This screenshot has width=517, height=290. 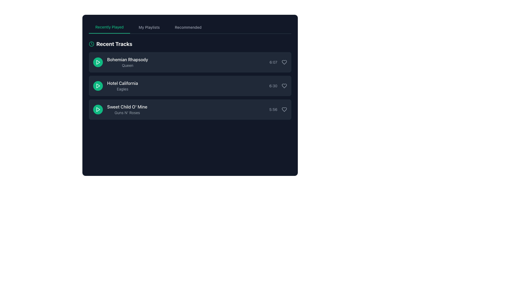 I want to click on song title and artist displayed in the text block located at the bottom of the 'Recent Tracks' section, which is the third item in the list, so click(x=127, y=109).